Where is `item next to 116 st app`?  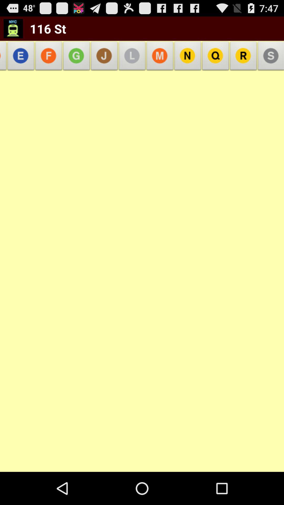
item next to 116 st app is located at coordinates (4, 57).